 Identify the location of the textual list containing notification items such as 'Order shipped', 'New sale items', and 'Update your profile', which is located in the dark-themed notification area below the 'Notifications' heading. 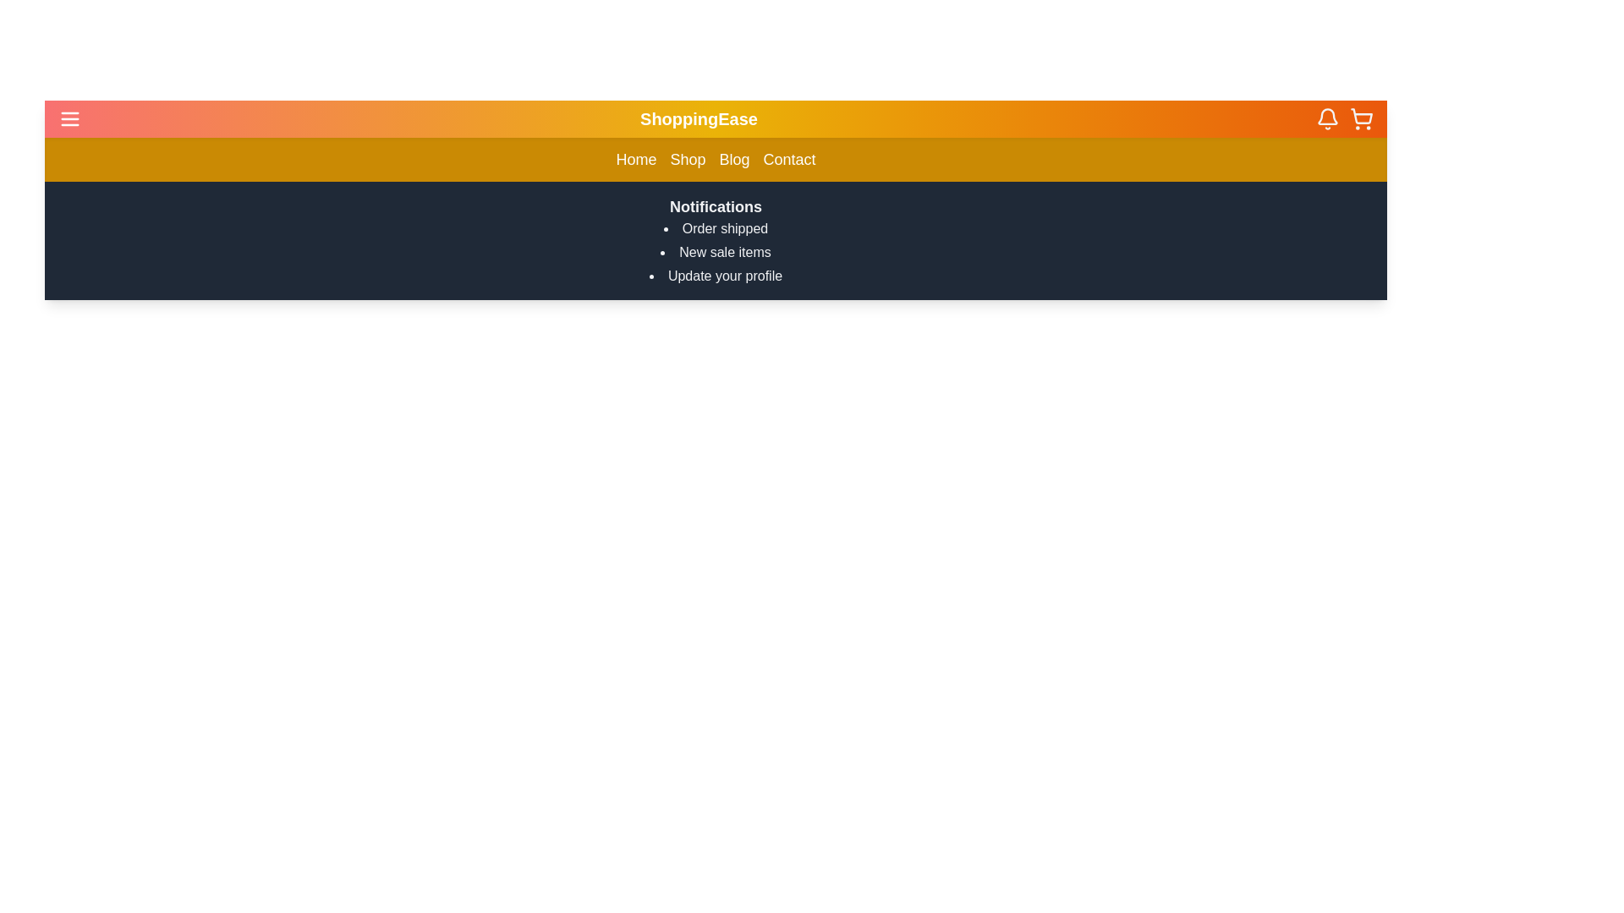
(716, 253).